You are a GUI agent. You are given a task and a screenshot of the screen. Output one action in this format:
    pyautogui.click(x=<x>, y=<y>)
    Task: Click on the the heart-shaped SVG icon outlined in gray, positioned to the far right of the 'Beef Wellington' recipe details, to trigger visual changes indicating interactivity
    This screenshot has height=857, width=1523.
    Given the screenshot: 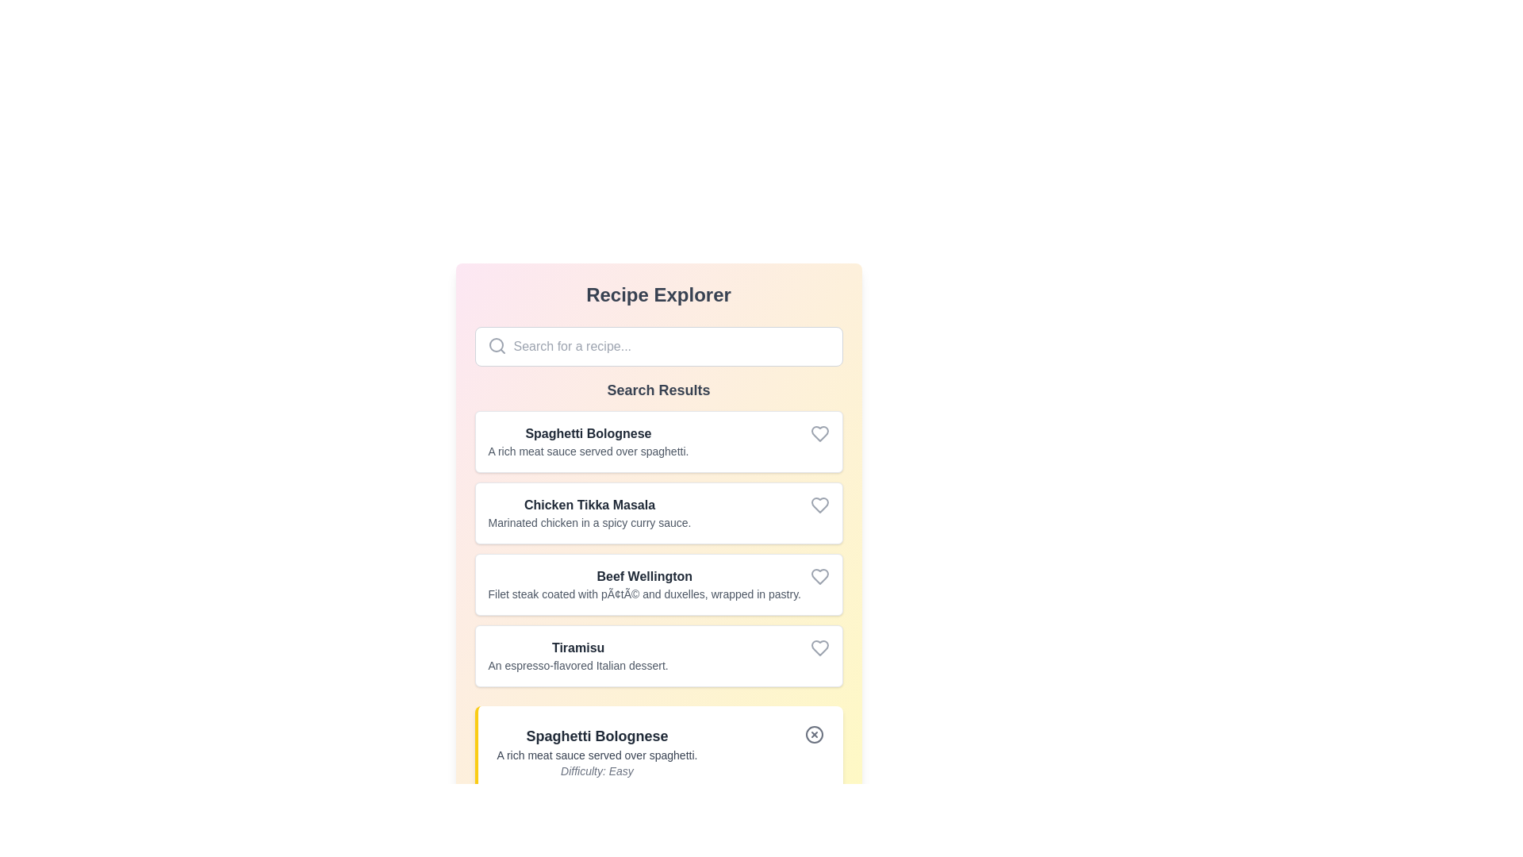 What is the action you would take?
    pyautogui.click(x=819, y=576)
    